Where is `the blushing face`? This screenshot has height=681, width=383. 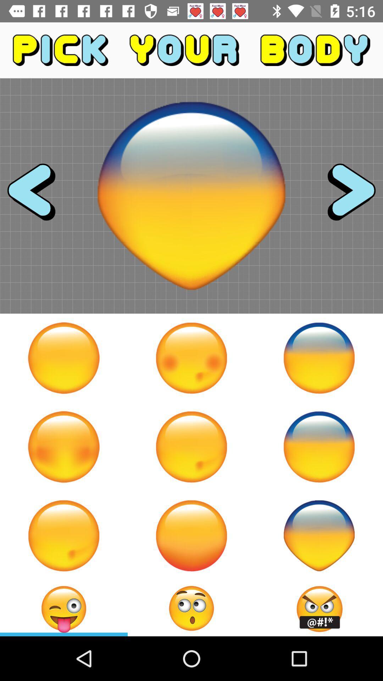
the blushing face is located at coordinates (64, 446).